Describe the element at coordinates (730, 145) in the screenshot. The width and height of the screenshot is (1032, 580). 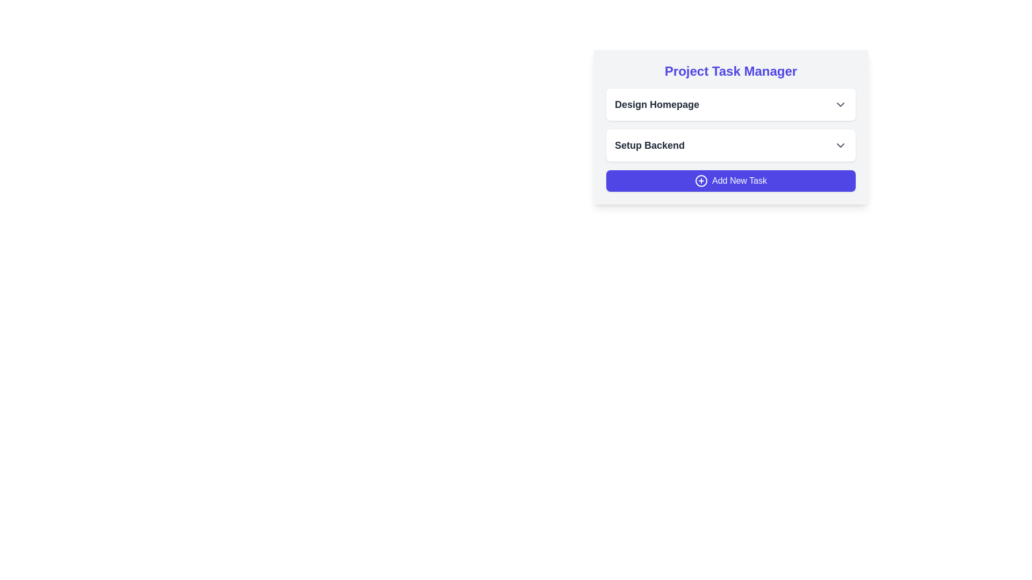
I see `the Dropdown menu button related to 'Setup Backend'` at that location.